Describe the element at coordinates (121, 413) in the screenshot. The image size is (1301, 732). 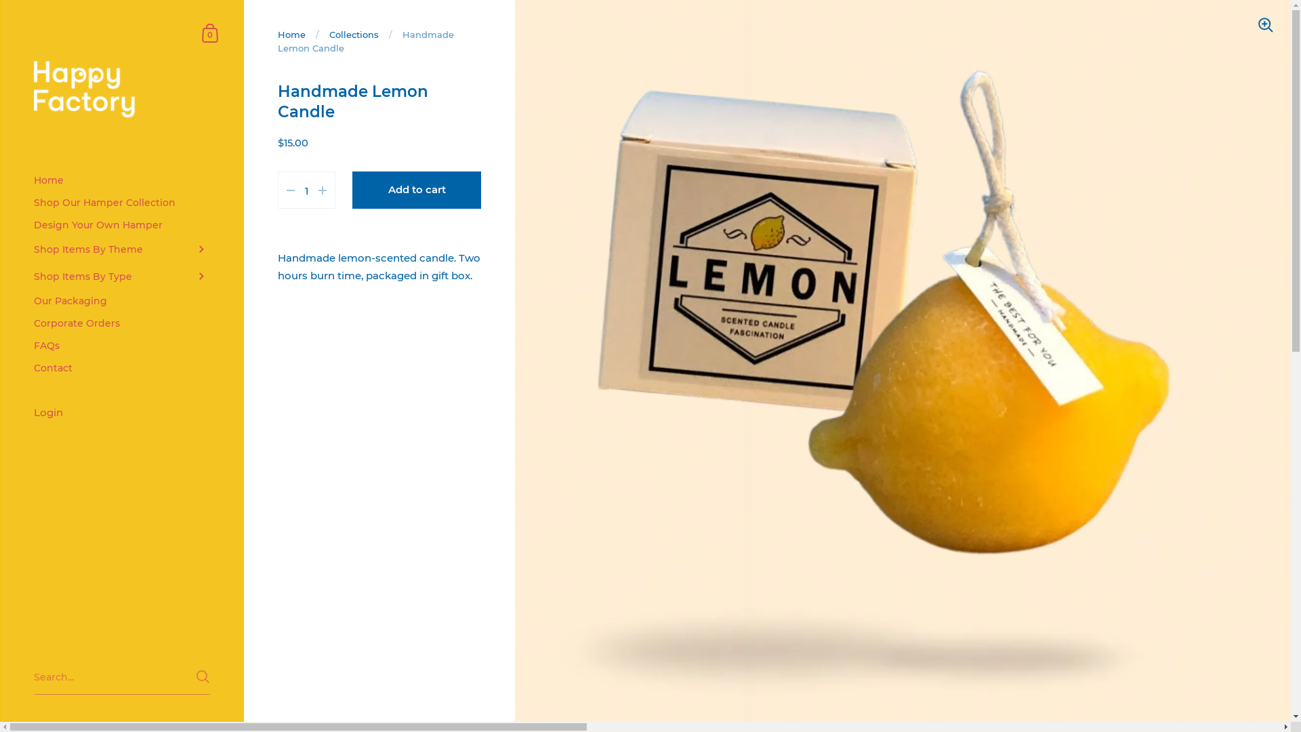
I see `'Login'` at that location.